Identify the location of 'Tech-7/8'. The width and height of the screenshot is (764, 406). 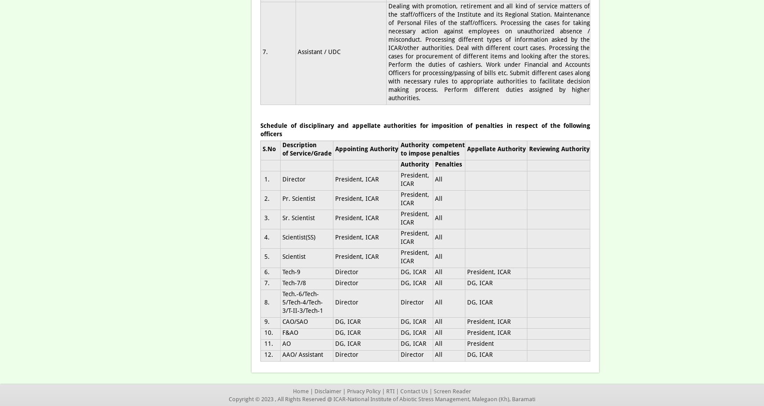
(293, 283).